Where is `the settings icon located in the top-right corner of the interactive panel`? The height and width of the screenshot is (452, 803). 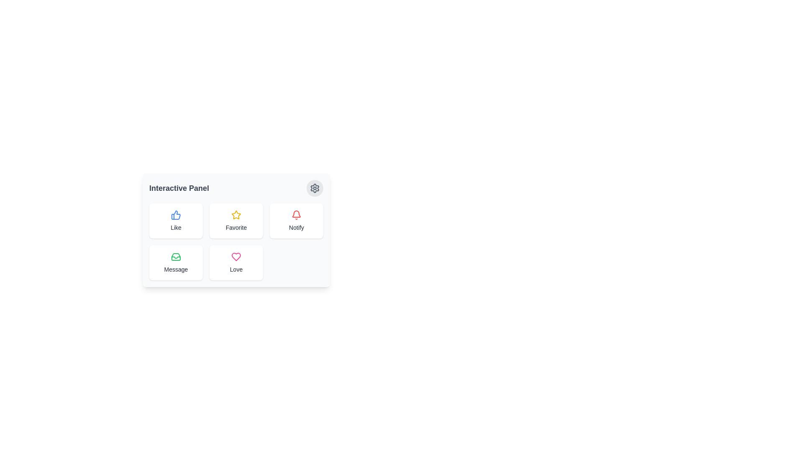 the settings icon located in the top-right corner of the interactive panel is located at coordinates (315, 188).